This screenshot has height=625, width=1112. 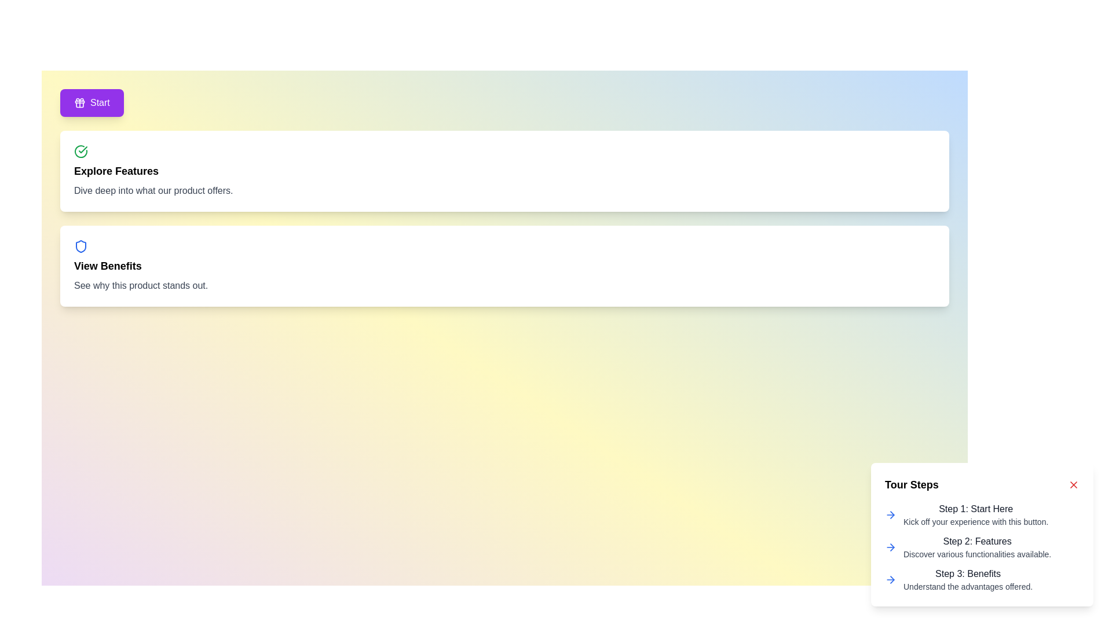 What do you see at coordinates (890, 547) in the screenshot?
I see `the rightward arrow icon, which is blue and outlined, located to the left of the text 'Step 2: Features' in the Tour Steps component` at bounding box center [890, 547].